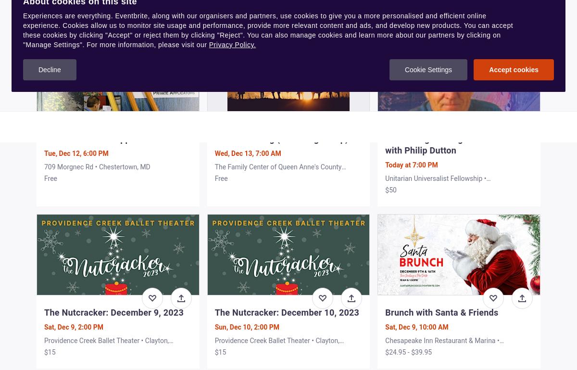 The image size is (577, 370). I want to click on '$24.95 - $39.95', so click(385, 351).